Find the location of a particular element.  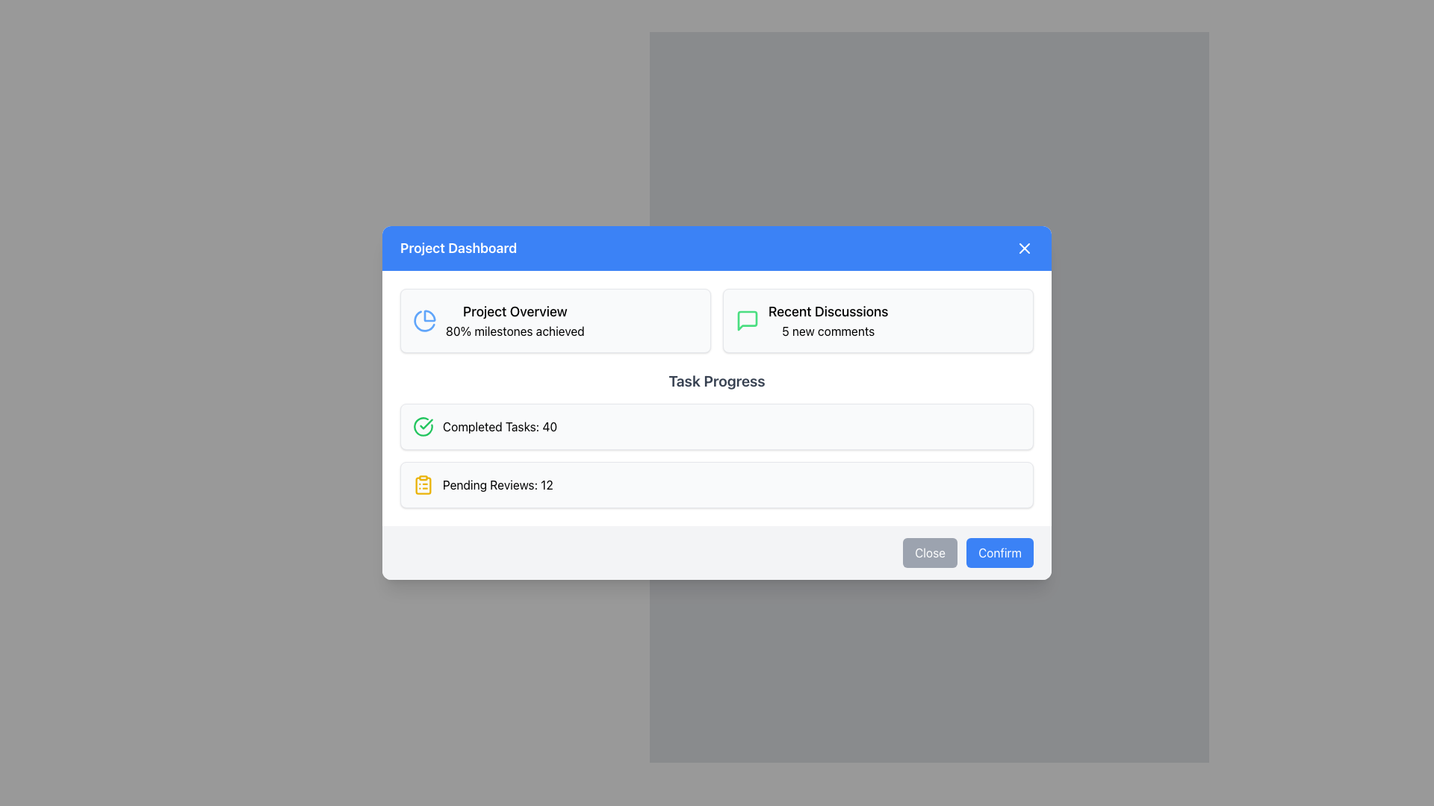

the close button located on the bottom-right of the dialog, next to the 'Confirm' button is located at coordinates (929, 552).